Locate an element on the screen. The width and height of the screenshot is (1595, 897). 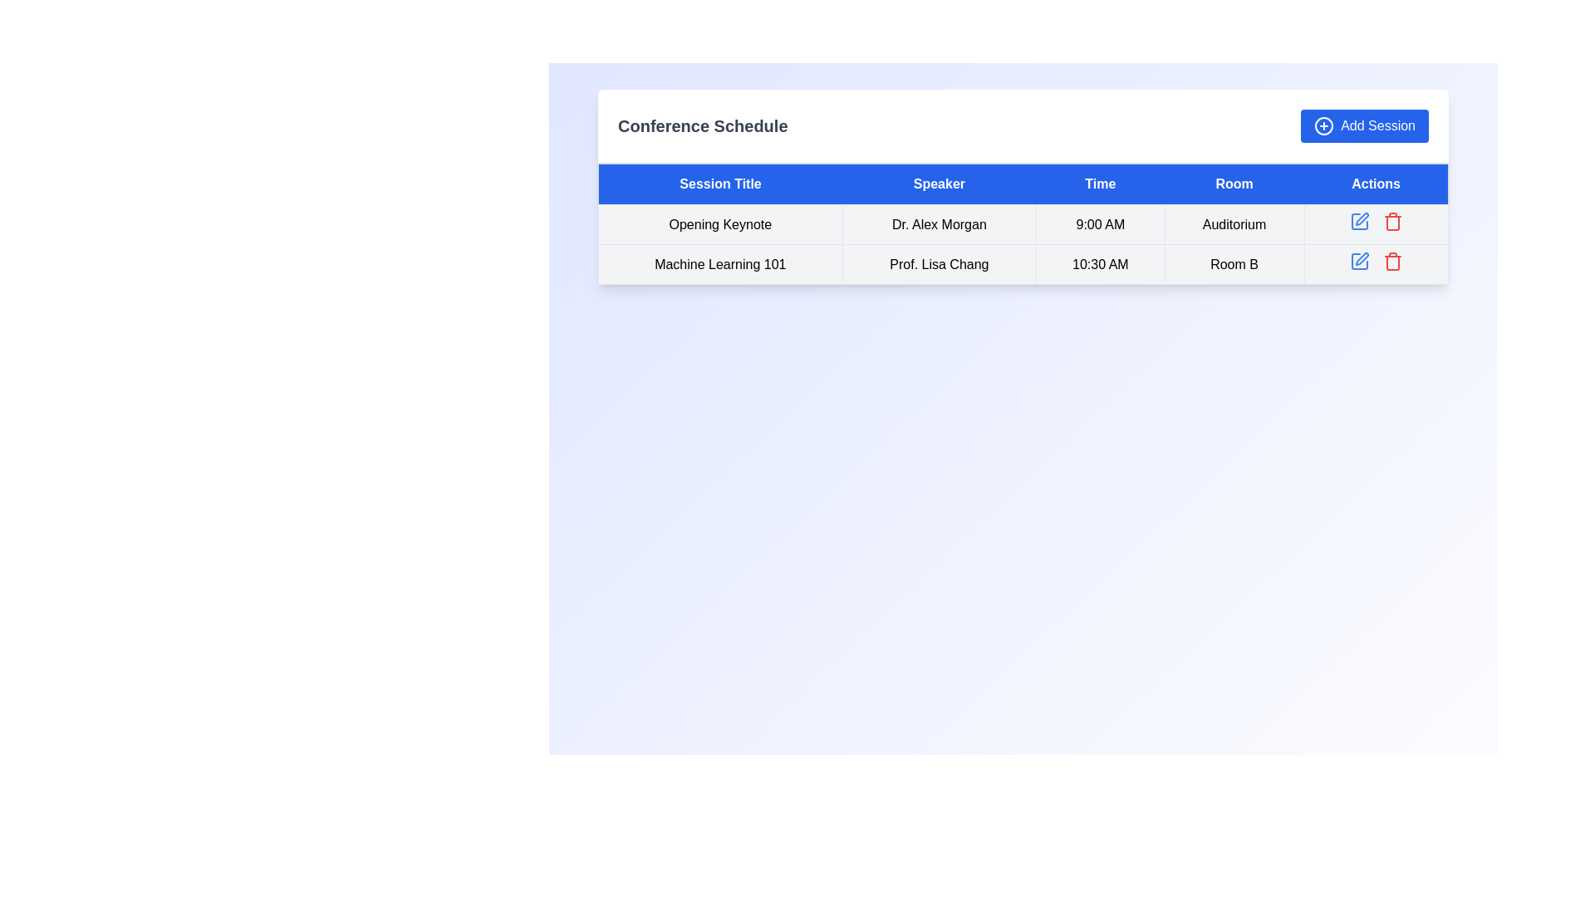
the text label that details the title of a session or event, located in the second row under the 'Session Title' header, aligned with 'Prof. Lisa Chang' in the 'Speaker' column is located at coordinates (720, 263).